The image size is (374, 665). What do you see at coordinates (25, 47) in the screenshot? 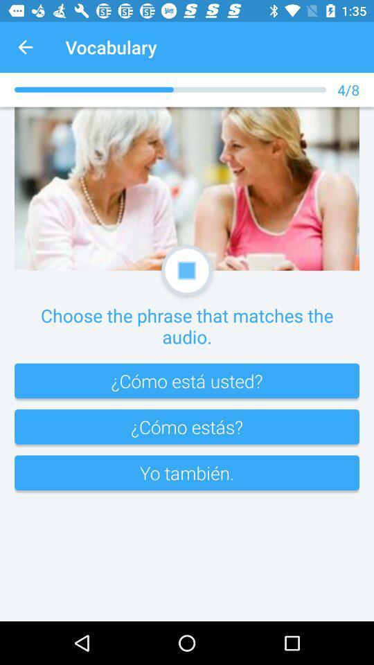
I see `icon next to vocabulary` at bounding box center [25, 47].